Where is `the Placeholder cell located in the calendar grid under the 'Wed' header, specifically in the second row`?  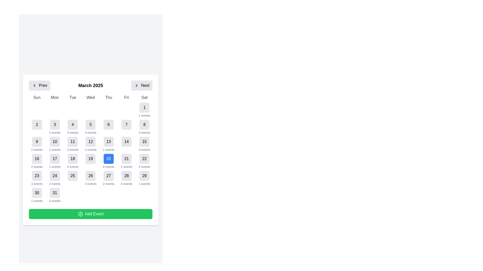
the Placeholder cell located in the calendar grid under the 'Wed' header, specifically in the second row is located at coordinates (91, 110).